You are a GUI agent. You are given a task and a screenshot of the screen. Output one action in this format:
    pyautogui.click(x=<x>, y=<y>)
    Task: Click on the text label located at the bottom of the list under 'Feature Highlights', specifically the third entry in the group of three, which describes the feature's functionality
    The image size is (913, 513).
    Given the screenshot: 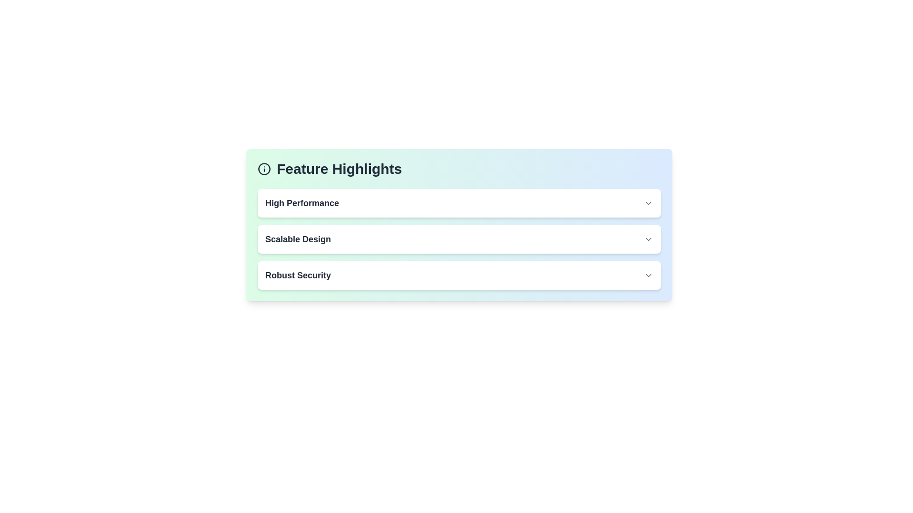 What is the action you would take?
    pyautogui.click(x=298, y=275)
    